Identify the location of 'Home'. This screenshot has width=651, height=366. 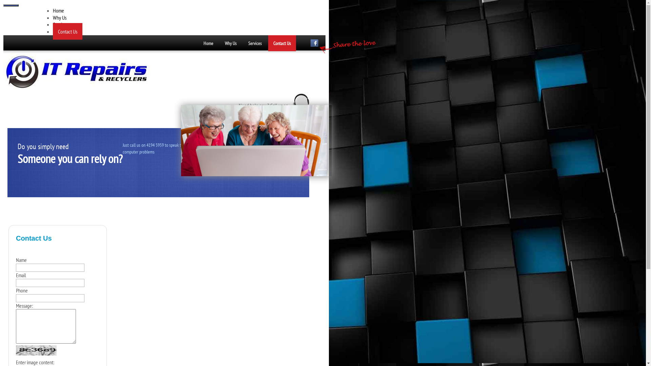
(208, 43).